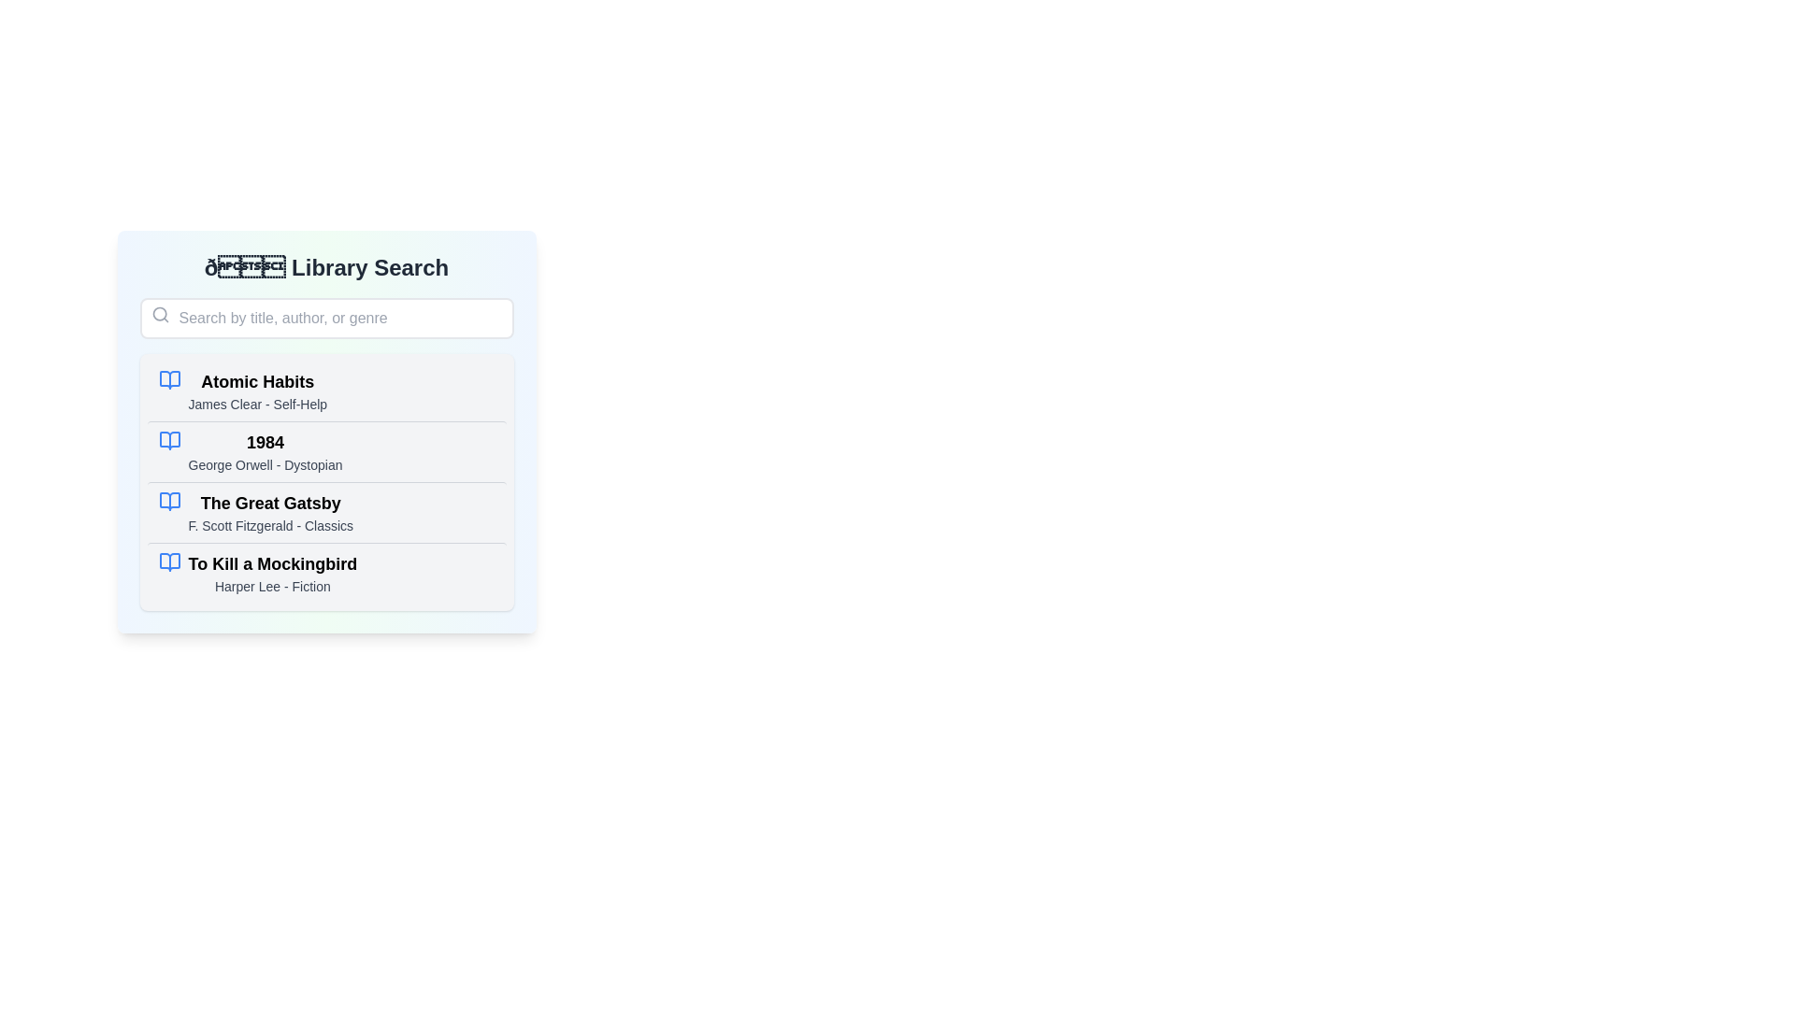 The width and height of the screenshot is (1795, 1009). Describe the element at coordinates (256, 391) in the screenshot. I see `the first item in the list of books displaying 'Atomic Habits' by James Clear` at that location.